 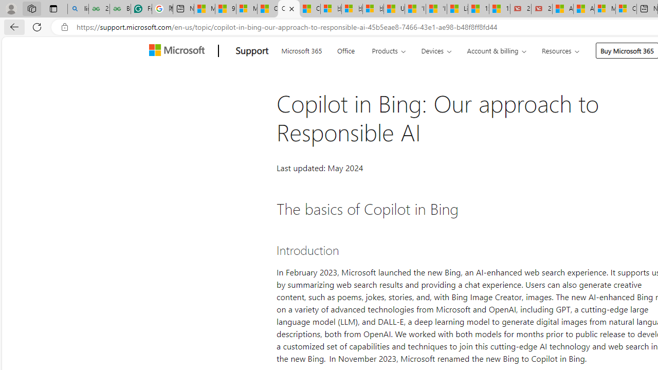 What do you see at coordinates (345, 49) in the screenshot?
I see `'Office'` at bounding box center [345, 49].